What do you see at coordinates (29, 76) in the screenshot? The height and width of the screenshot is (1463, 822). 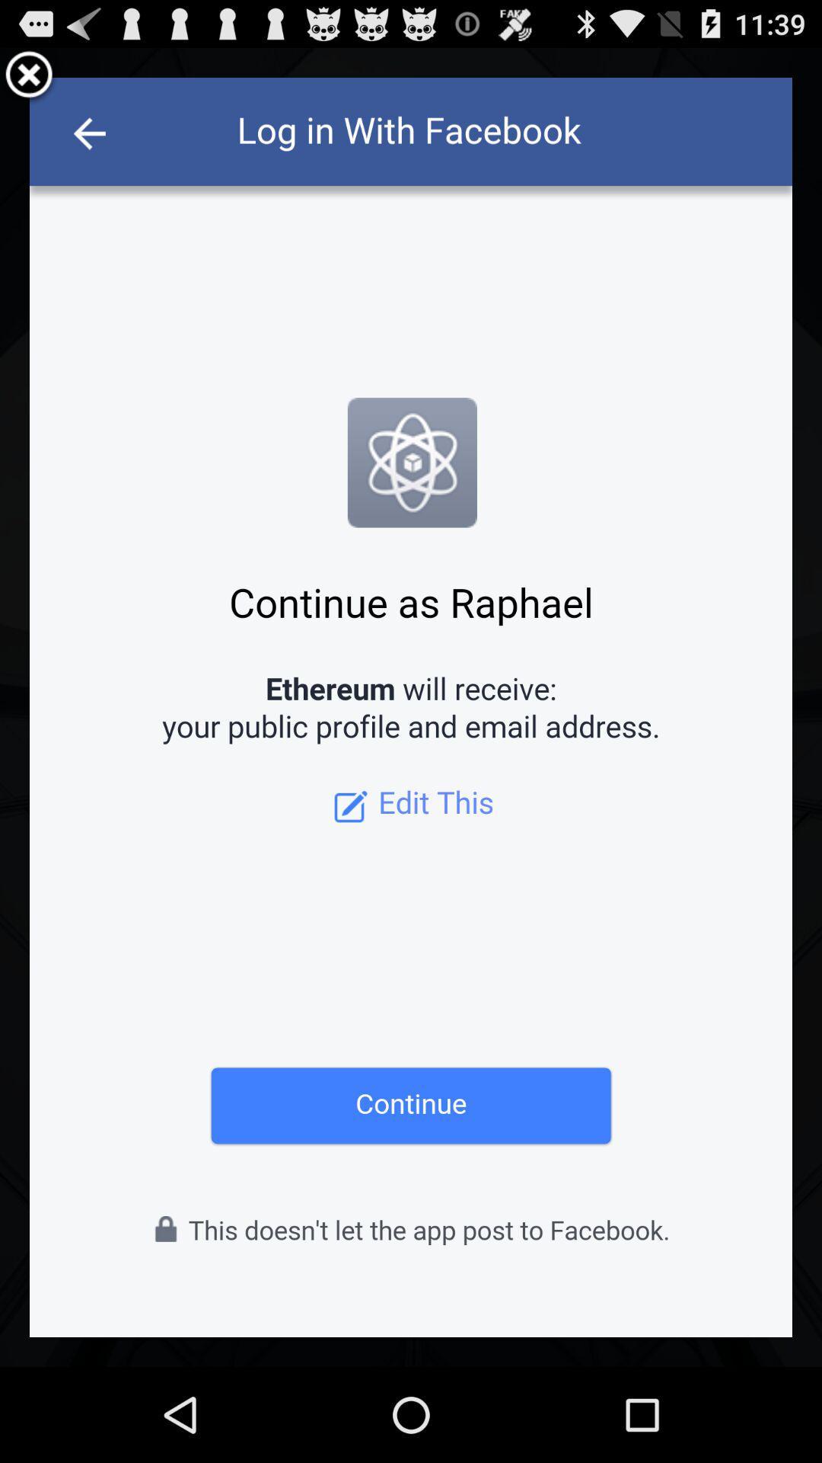 I see `the tab` at bounding box center [29, 76].